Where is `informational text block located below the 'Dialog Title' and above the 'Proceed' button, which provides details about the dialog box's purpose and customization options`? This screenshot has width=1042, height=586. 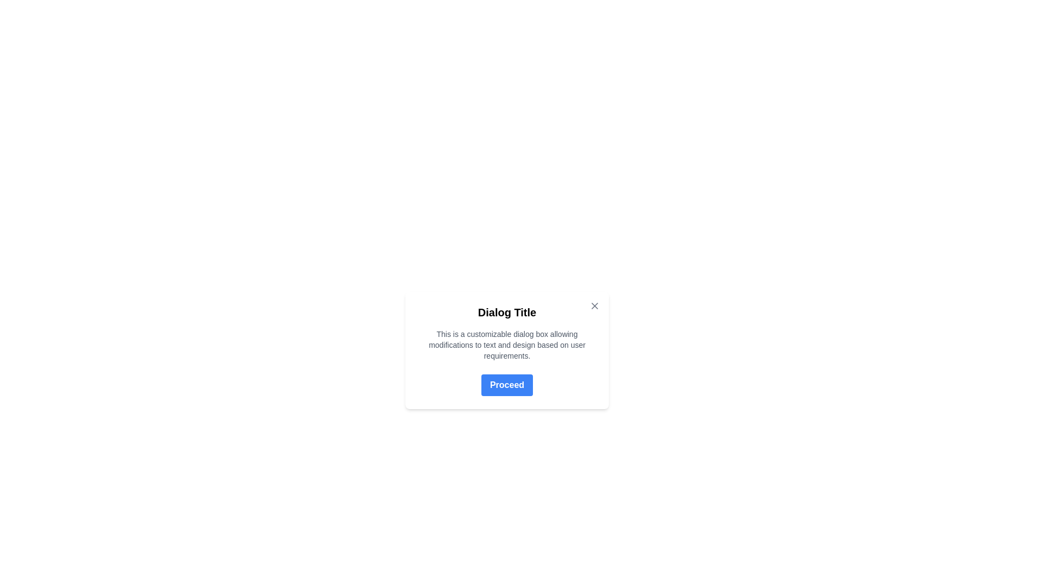
informational text block located below the 'Dialog Title' and above the 'Proceed' button, which provides details about the dialog box's purpose and customization options is located at coordinates (506, 345).